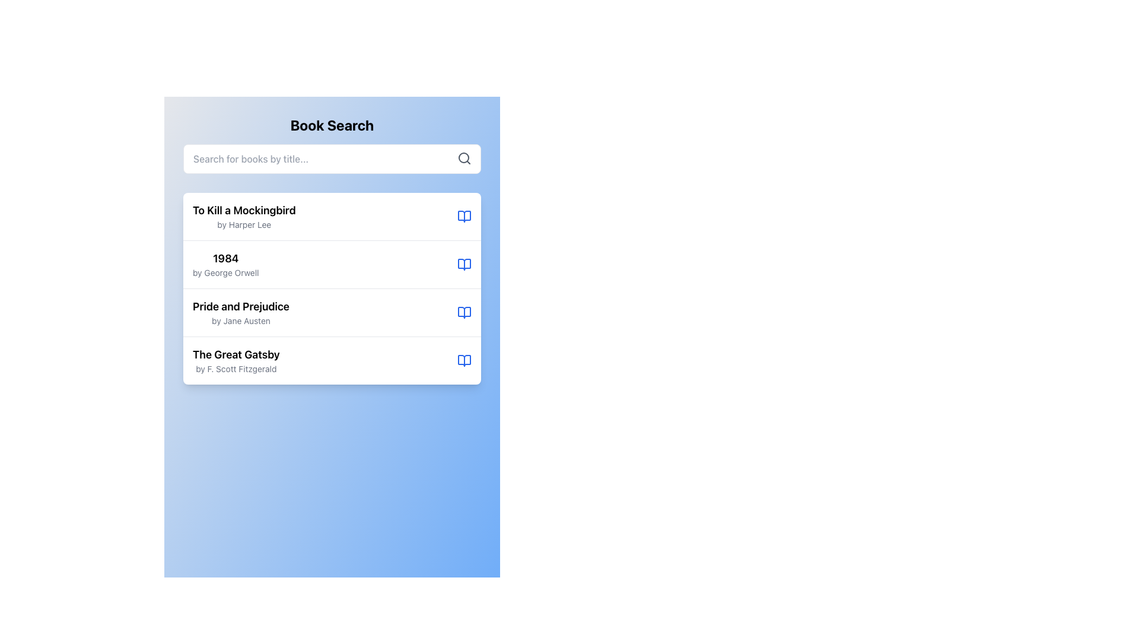  I want to click on the text display element that shows the title and author of a book, located under the search bar and above other entries in the list, so click(243, 217).